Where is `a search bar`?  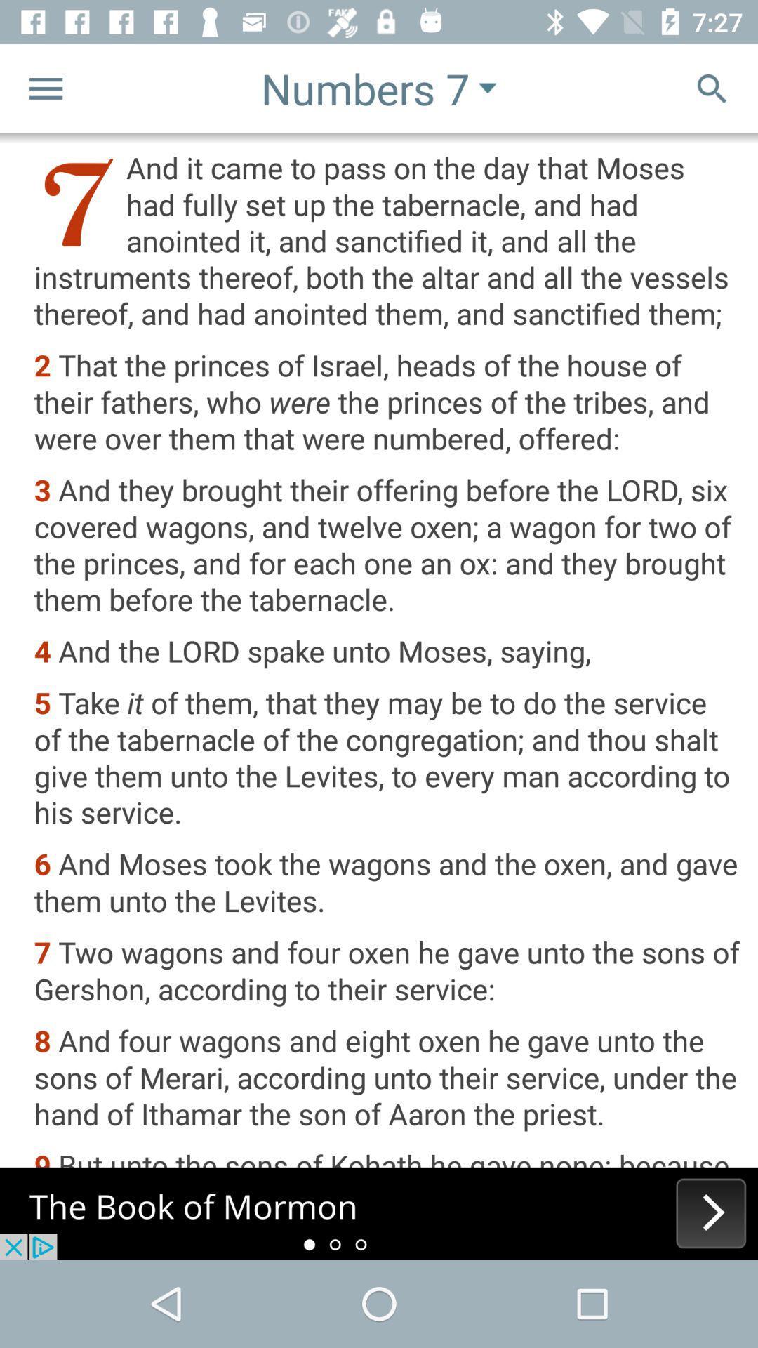 a search bar is located at coordinates (712, 87).